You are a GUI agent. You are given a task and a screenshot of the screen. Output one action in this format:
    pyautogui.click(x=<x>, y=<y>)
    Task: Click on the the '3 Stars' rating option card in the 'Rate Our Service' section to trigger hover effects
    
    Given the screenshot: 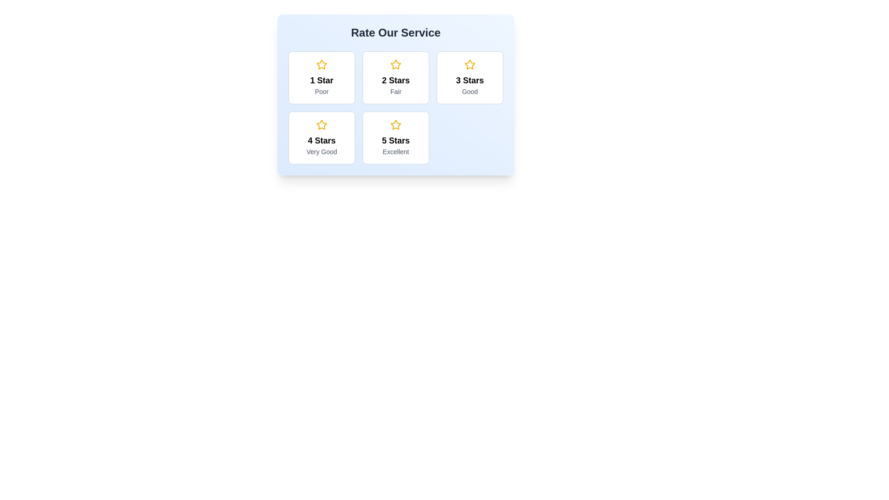 What is the action you would take?
    pyautogui.click(x=470, y=77)
    